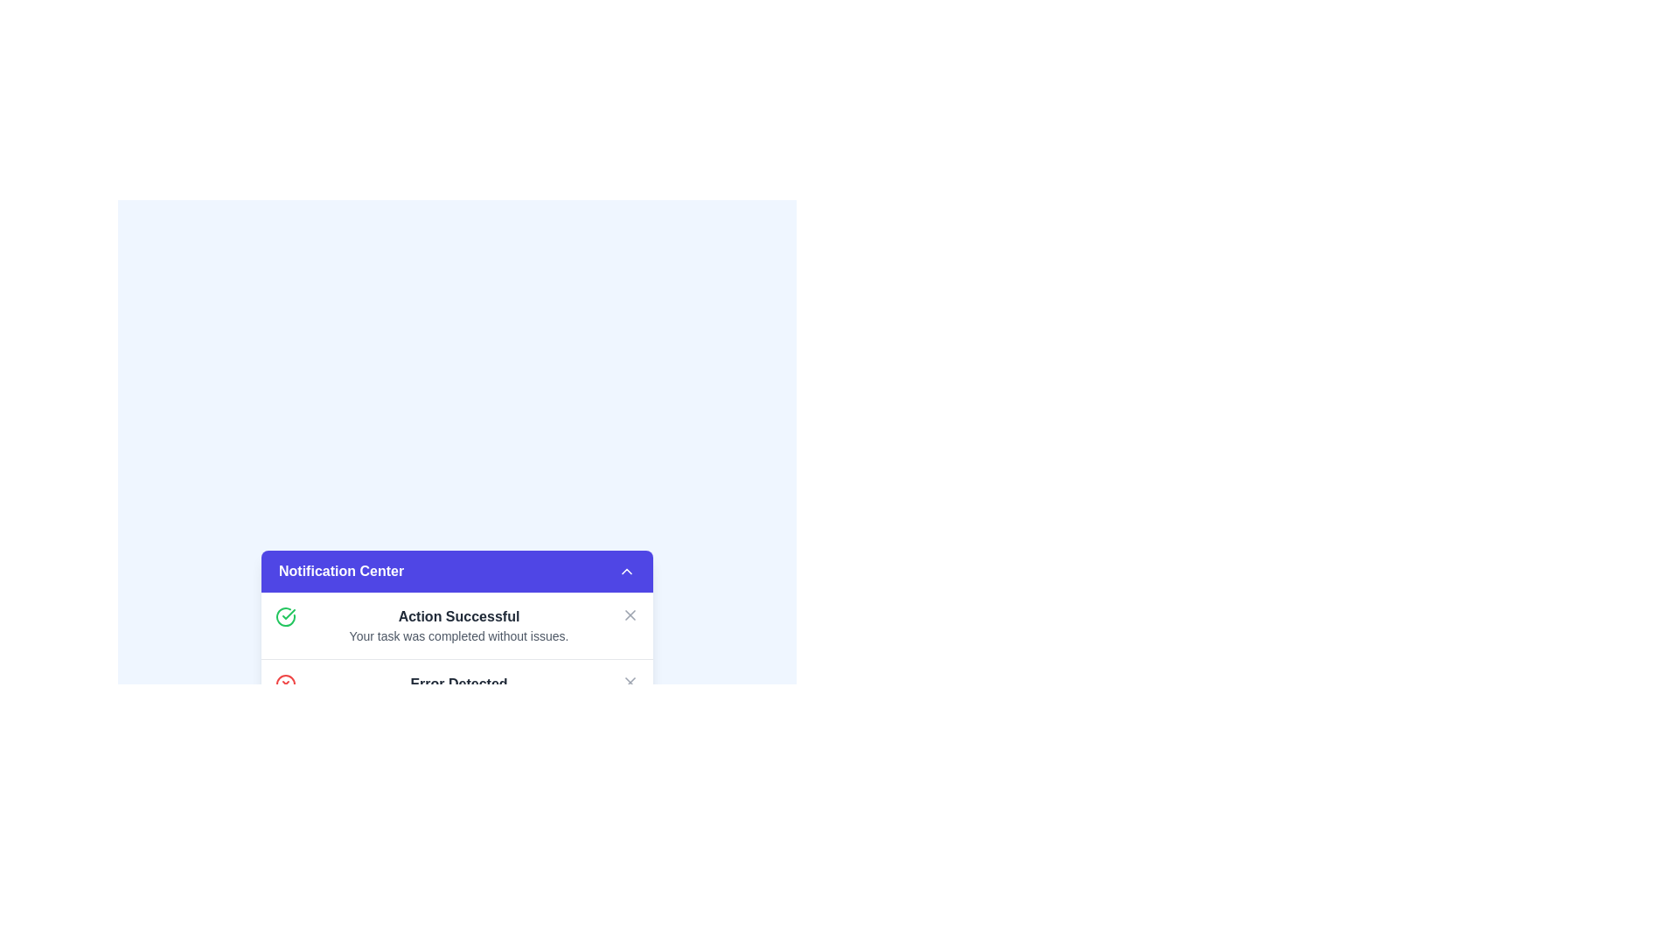  I want to click on the small triangular-shaped button resembling an upward-pointing arrow with a white outline, located in the top-right corner of the 'Notification Center' header, so click(626, 572).